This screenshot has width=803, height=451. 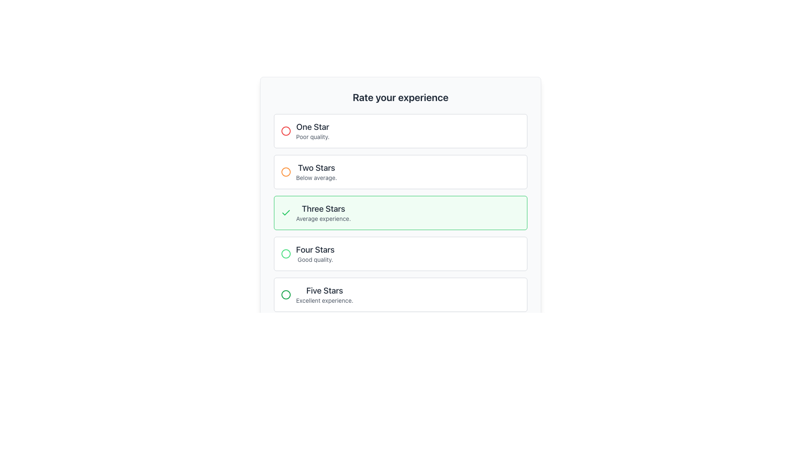 What do you see at coordinates (315, 259) in the screenshot?
I see `the text label 'Good quality.' which is styled in a small, light gray font and located beneath the 'Four Stars' rating option in the feedback interface` at bounding box center [315, 259].